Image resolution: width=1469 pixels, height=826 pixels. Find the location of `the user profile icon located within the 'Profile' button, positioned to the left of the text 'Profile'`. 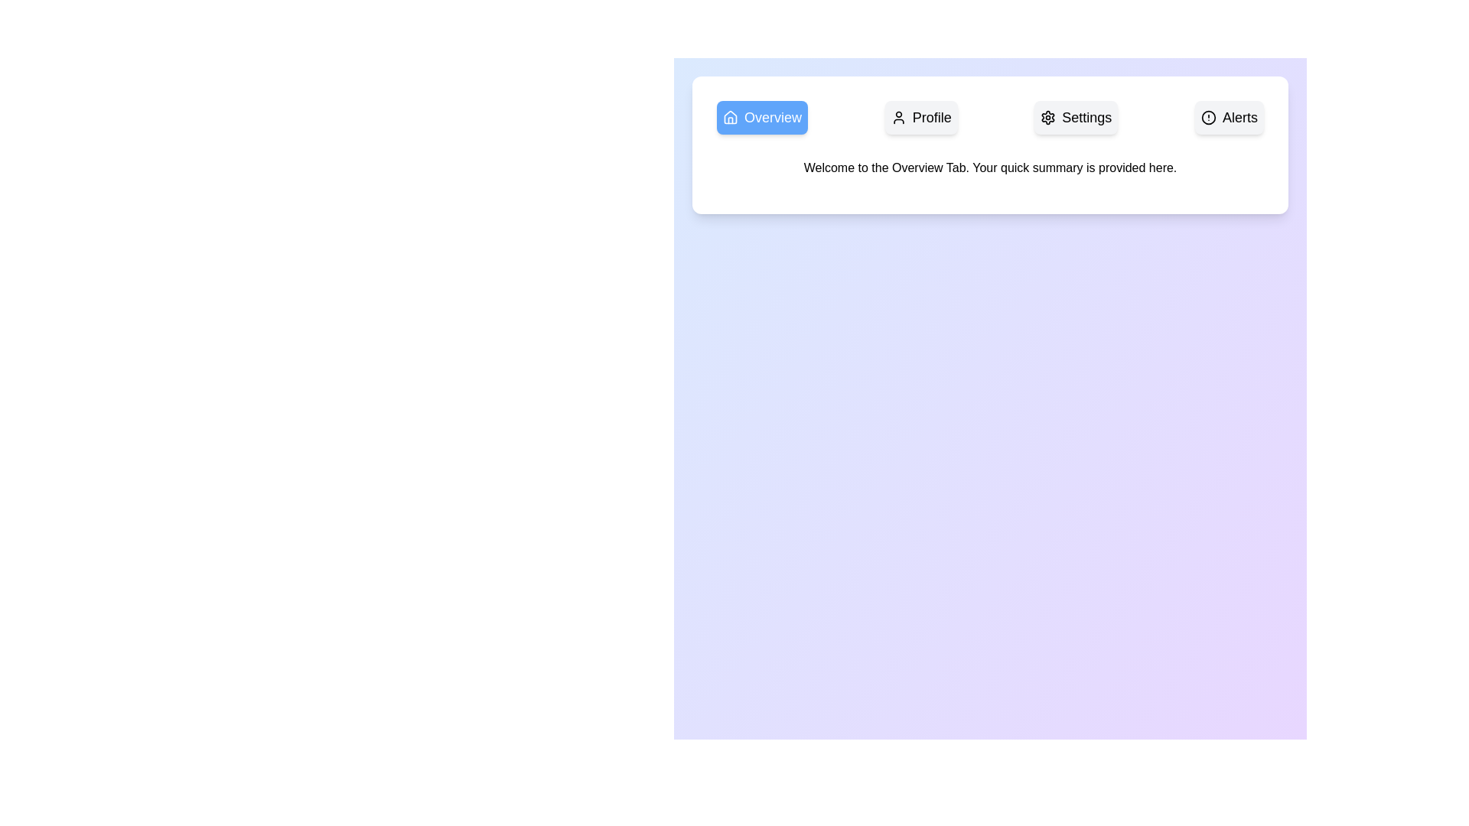

the user profile icon located within the 'Profile' button, positioned to the left of the text 'Profile' is located at coordinates (898, 117).